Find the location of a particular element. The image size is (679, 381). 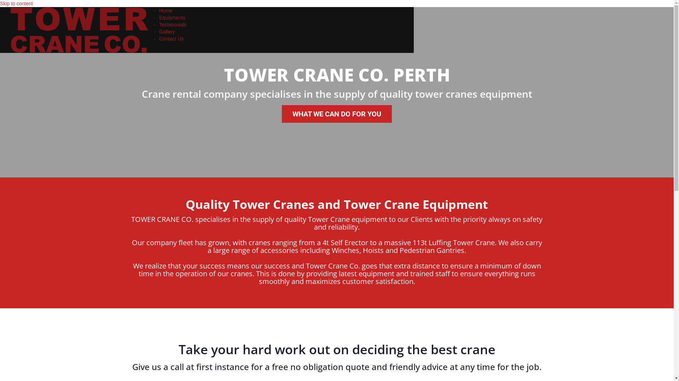

'Home' is located at coordinates (165, 11).